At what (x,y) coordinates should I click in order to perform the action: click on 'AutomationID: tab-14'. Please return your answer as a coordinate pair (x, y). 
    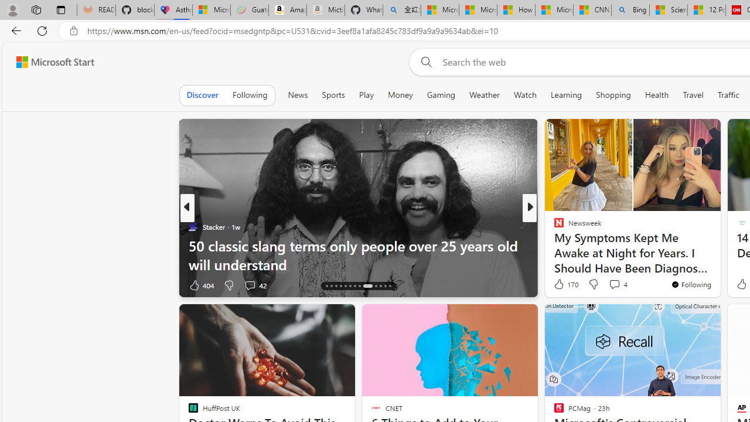
    Looking at the image, I should click on (326, 286).